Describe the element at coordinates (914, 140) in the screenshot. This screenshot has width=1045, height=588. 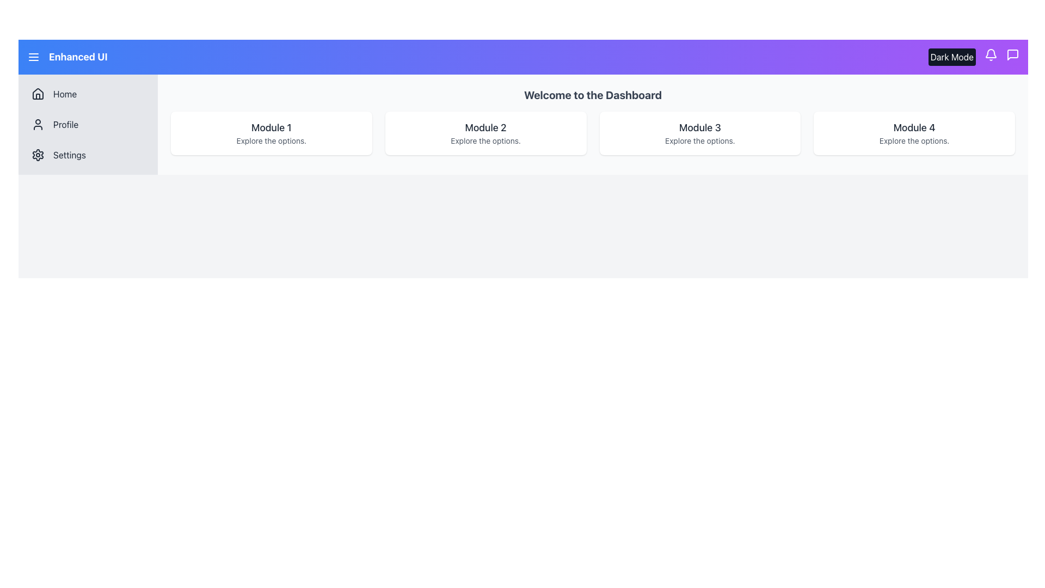
I see `the text label that reads 'Explore the options.' located beneath 'Module 4' in the fourth card of the grid` at that location.